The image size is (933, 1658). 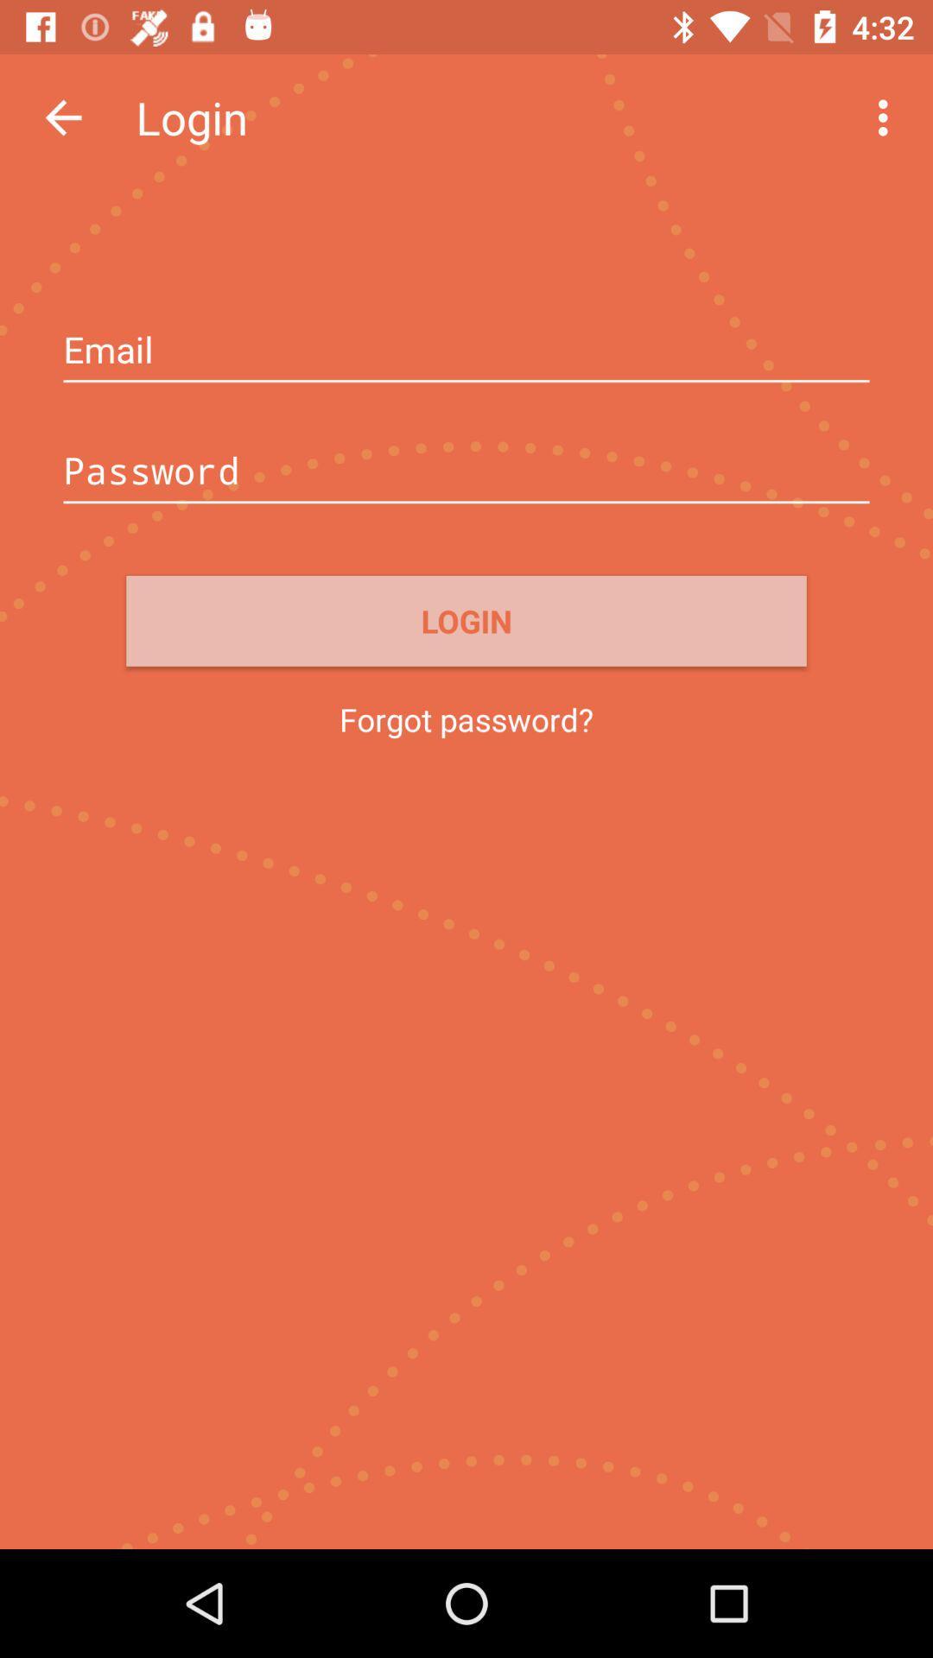 What do you see at coordinates (466, 351) in the screenshot?
I see `login email` at bounding box center [466, 351].